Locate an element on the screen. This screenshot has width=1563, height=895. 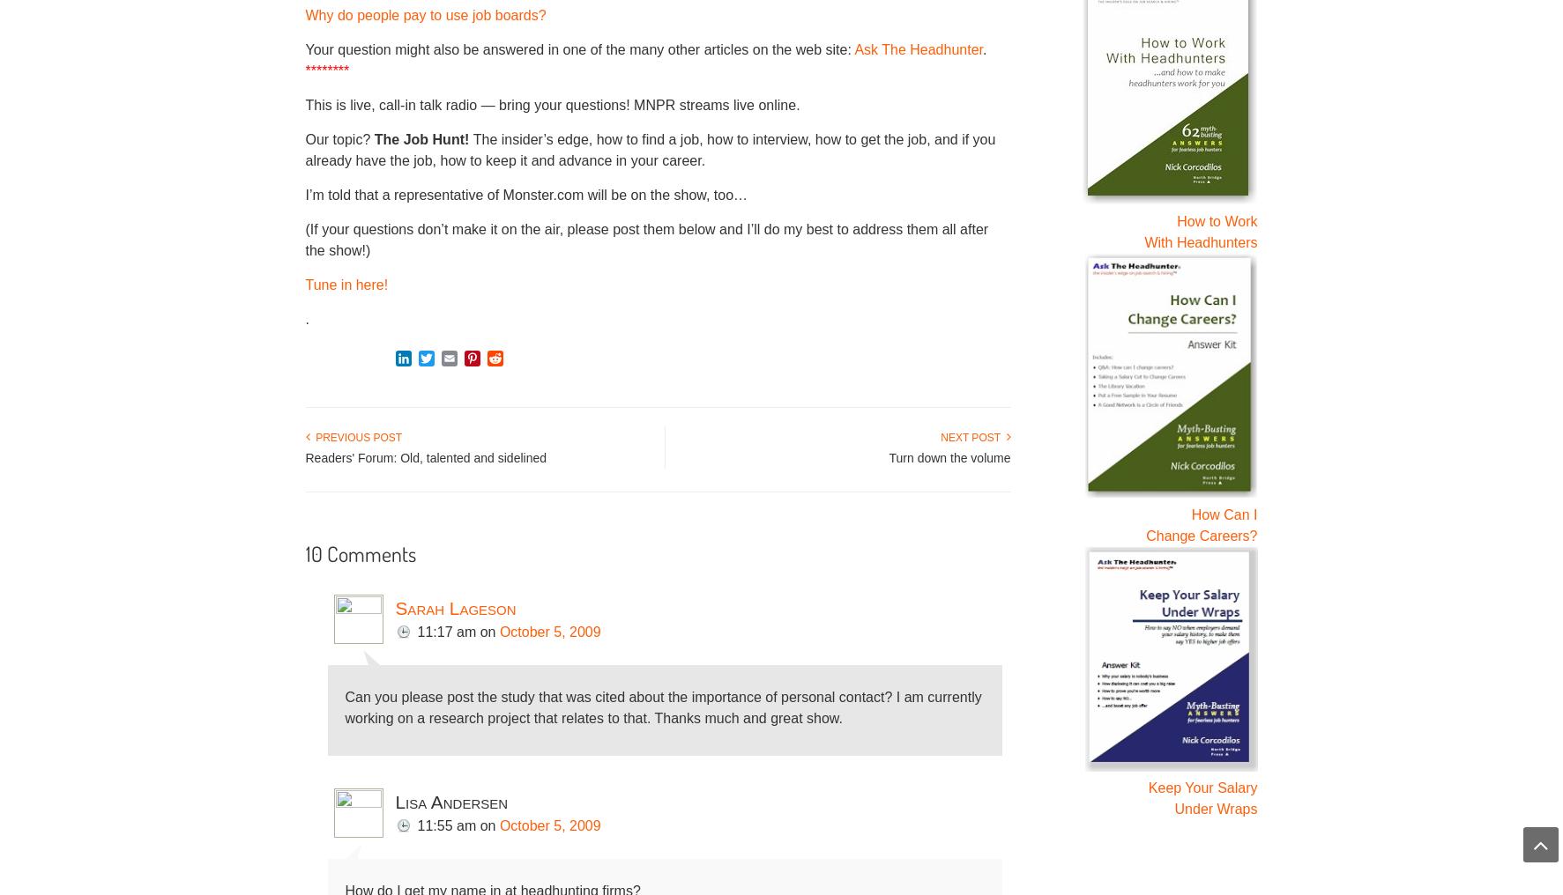
'I’m told that a representative of Monster.com will be on the show, too…' is located at coordinates (304, 194).